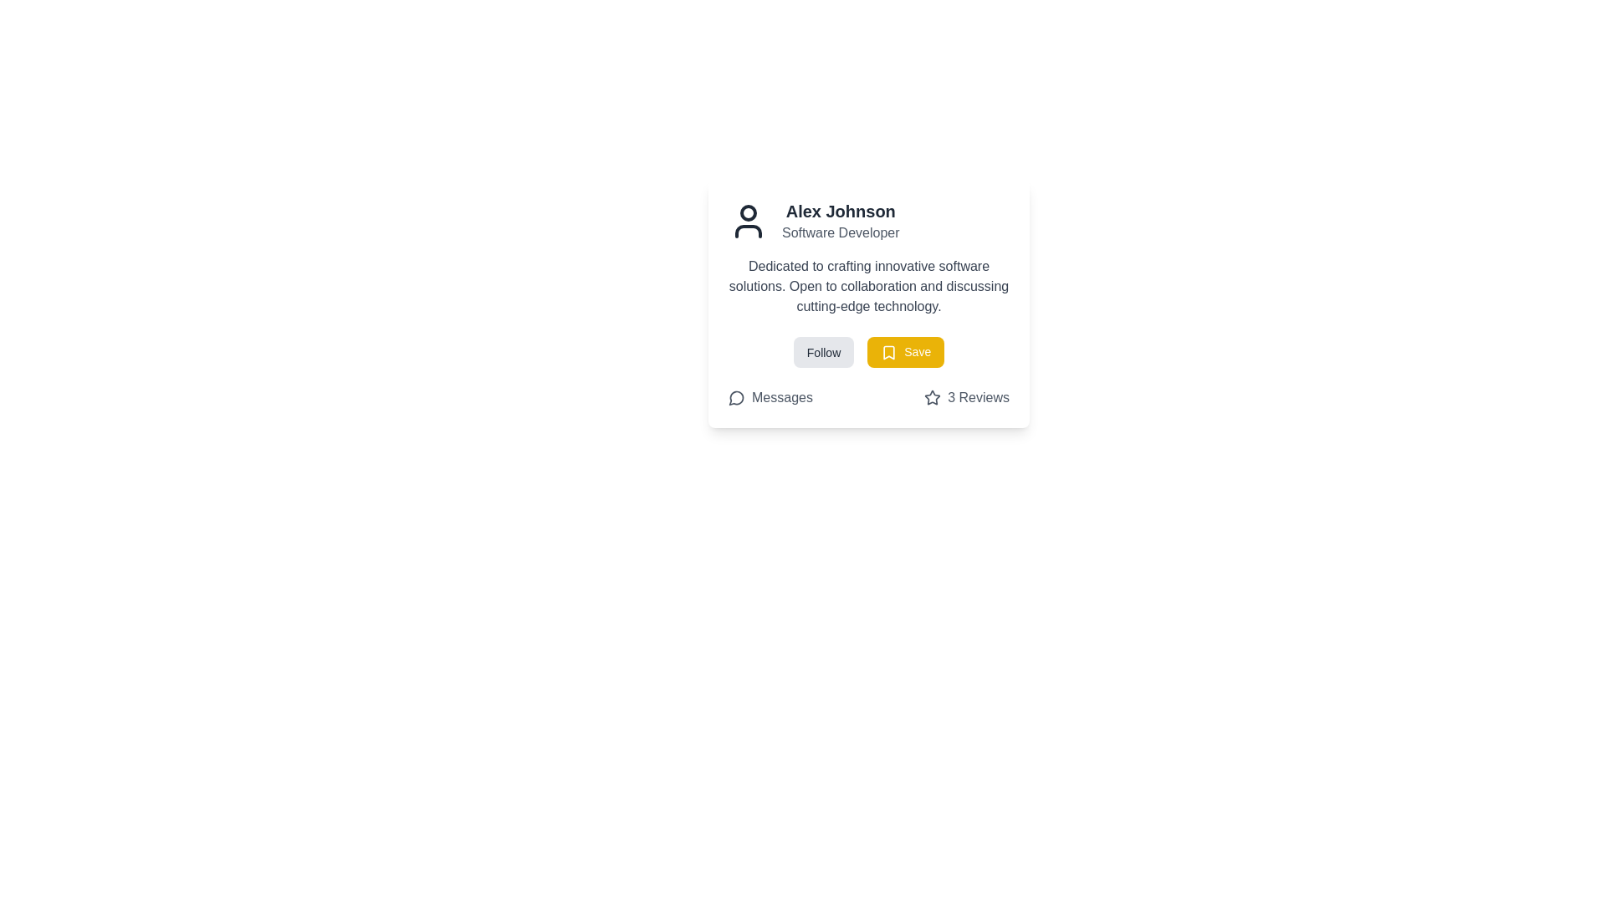 This screenshot has height=903, width=1606. Describe the element at coordinates (841, 221) in the screenshot. I see `displayed text from the text block that shows the user's name and job title, located centrally in the upper portion of the card layout, to the right of the user avatar icon` at that location.